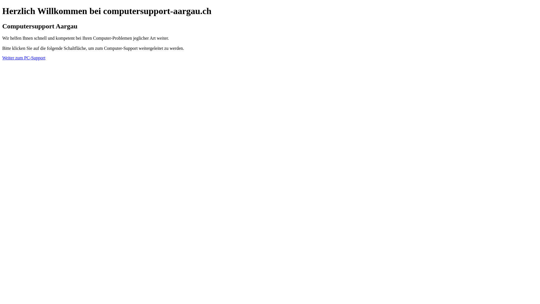  Describe the element at coordinates (23, 58) in the screenshot. I see `'Weiter zum PC-Support'` at that location.